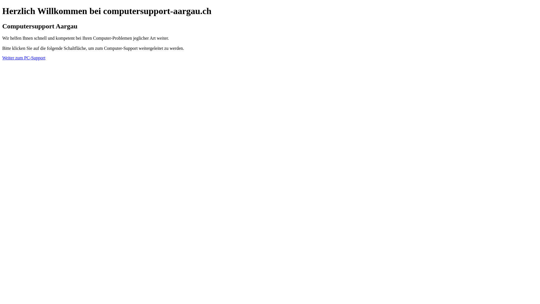  Describe the element at coordinates (23, 58) in the screenshot. I see `'Weiter zum PC-Support'` at that location.